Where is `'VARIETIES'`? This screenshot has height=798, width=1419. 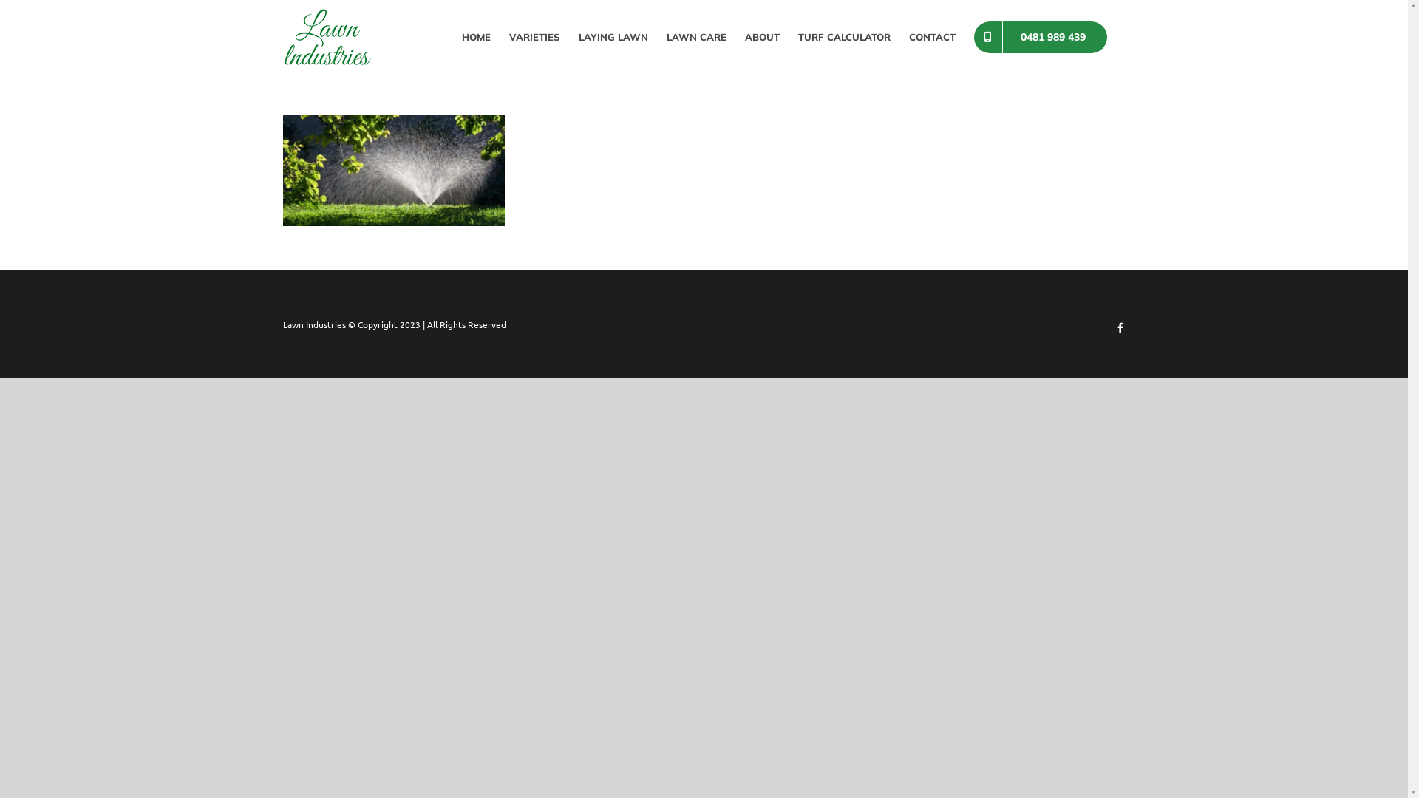
'VARIETIES' is located at coordinates (533, 36).